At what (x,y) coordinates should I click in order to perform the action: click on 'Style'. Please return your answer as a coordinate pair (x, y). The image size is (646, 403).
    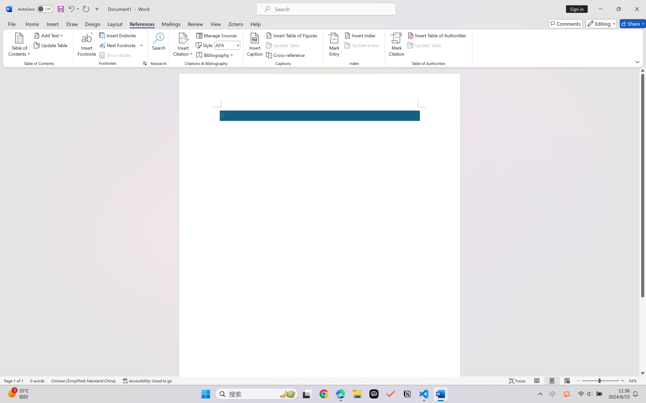
    Looking at the image, I should click on (225, 45).